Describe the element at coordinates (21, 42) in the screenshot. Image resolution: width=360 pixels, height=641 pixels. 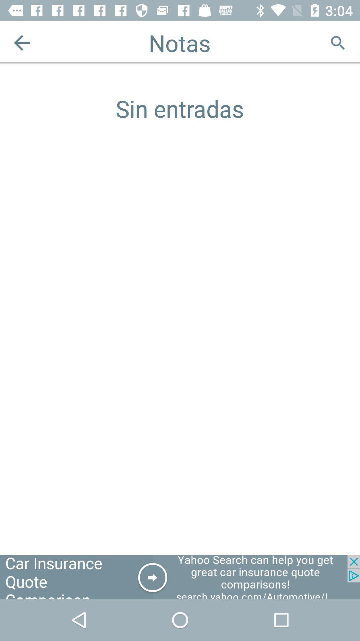
I see `go back` at that location.